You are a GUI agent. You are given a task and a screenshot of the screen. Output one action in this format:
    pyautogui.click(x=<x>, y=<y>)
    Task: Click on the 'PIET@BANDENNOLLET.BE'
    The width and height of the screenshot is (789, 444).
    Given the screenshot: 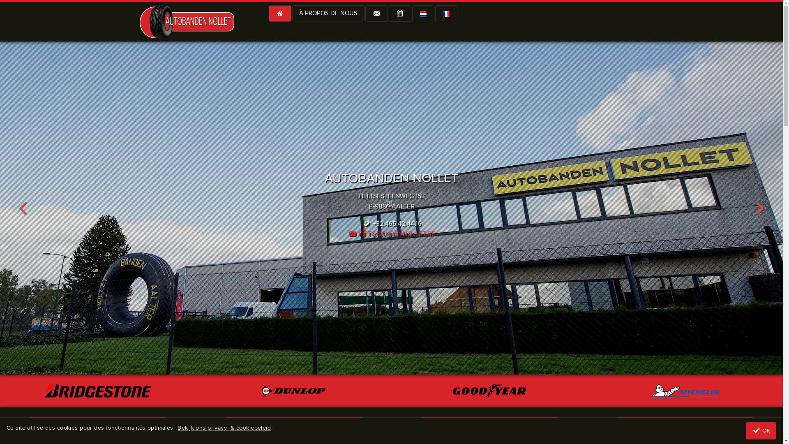 What is the action you would take?
    pyautogui.click(x=390, y=234)
    